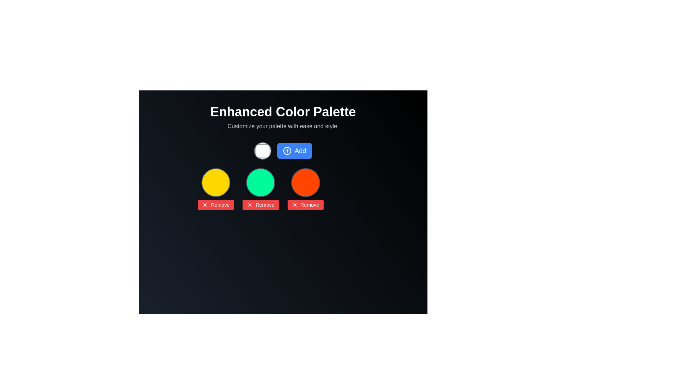  What do you see at coordinates (250, 205) in the screenshot?
I see `the icon within the leftmost 'Remove' button located directly beneath the yellow circle` at bounding box center [250, 205].